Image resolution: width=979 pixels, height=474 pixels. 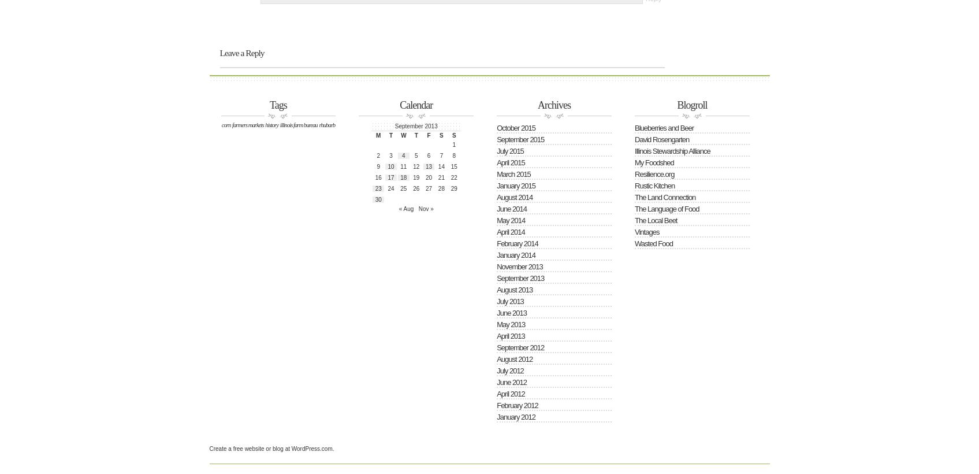 I want to click on '11', so click(x=403, y=166).